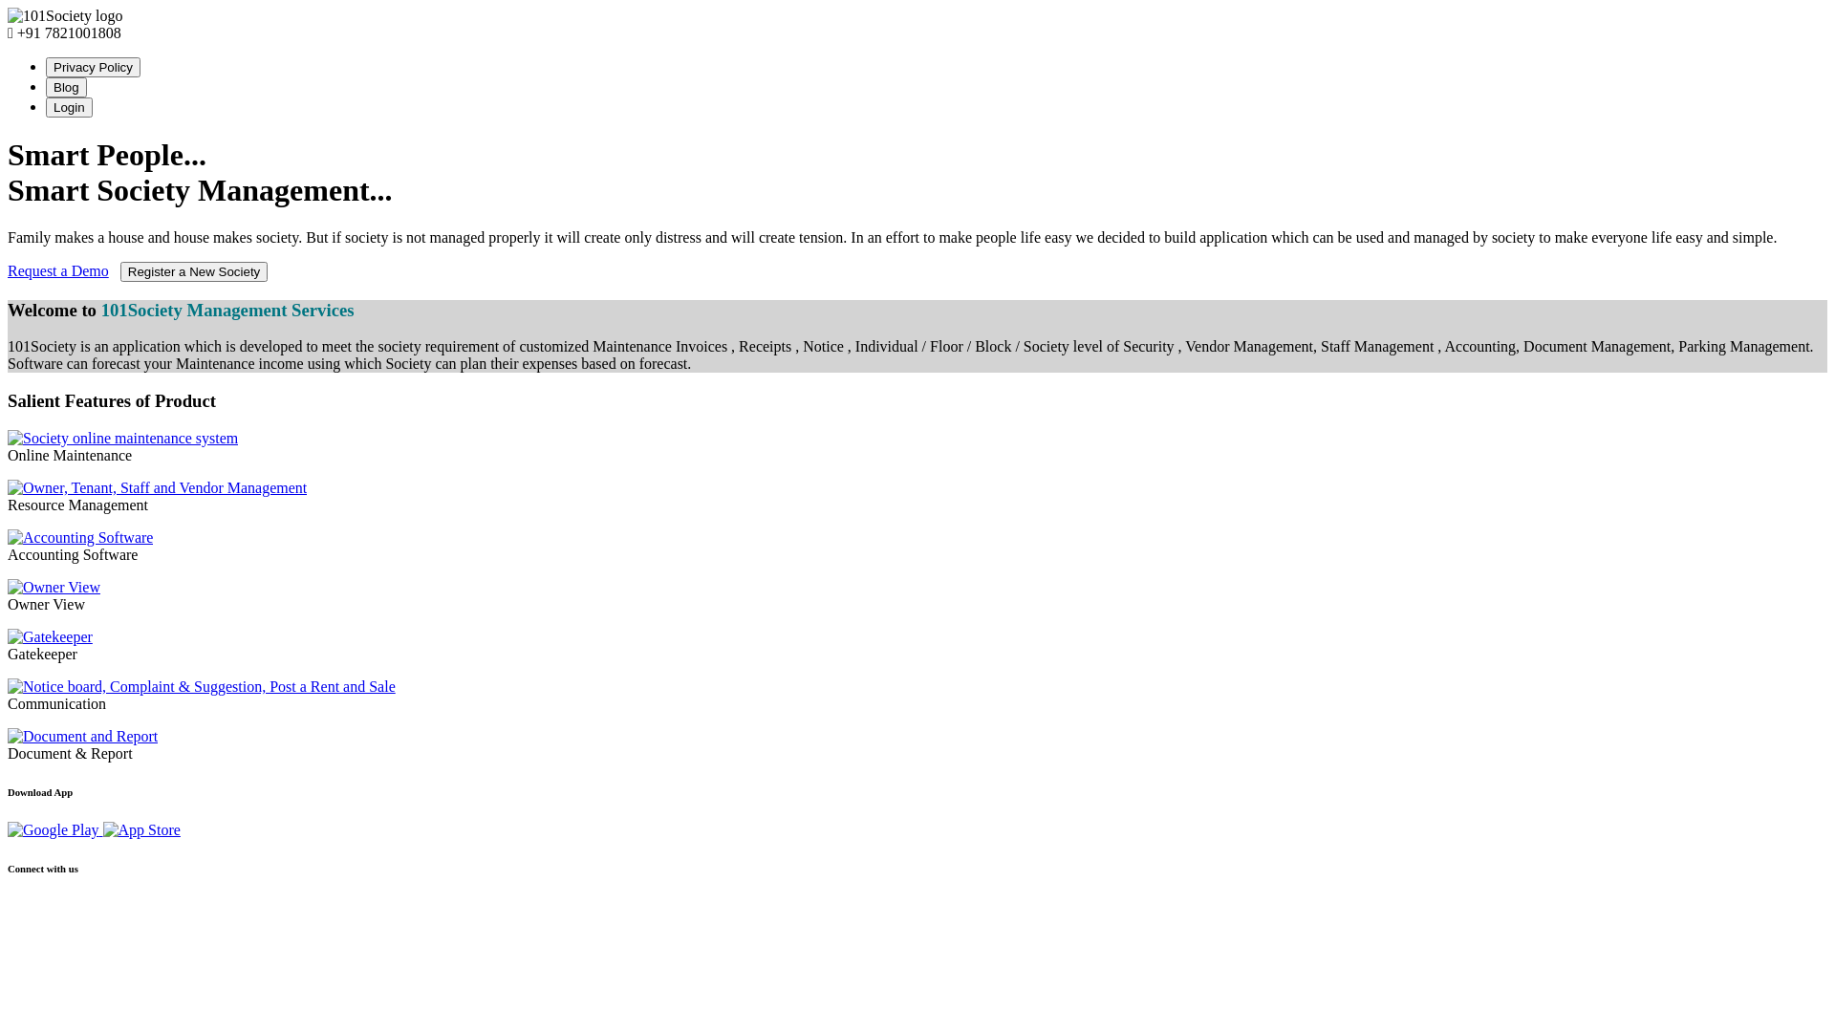 This screenshot has width=1835, height=1032. What do you see at coordinates (8, 538) in the screenshot?
I see `'Accounting Software'` at bounding box center [8, 538].